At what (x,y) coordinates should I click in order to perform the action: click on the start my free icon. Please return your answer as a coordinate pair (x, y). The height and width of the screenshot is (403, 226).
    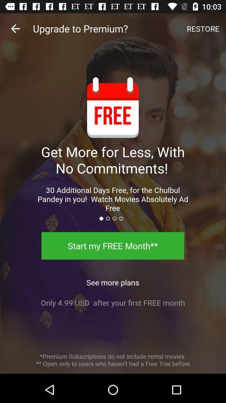
    Looking at the image, I should click on (113, 246).